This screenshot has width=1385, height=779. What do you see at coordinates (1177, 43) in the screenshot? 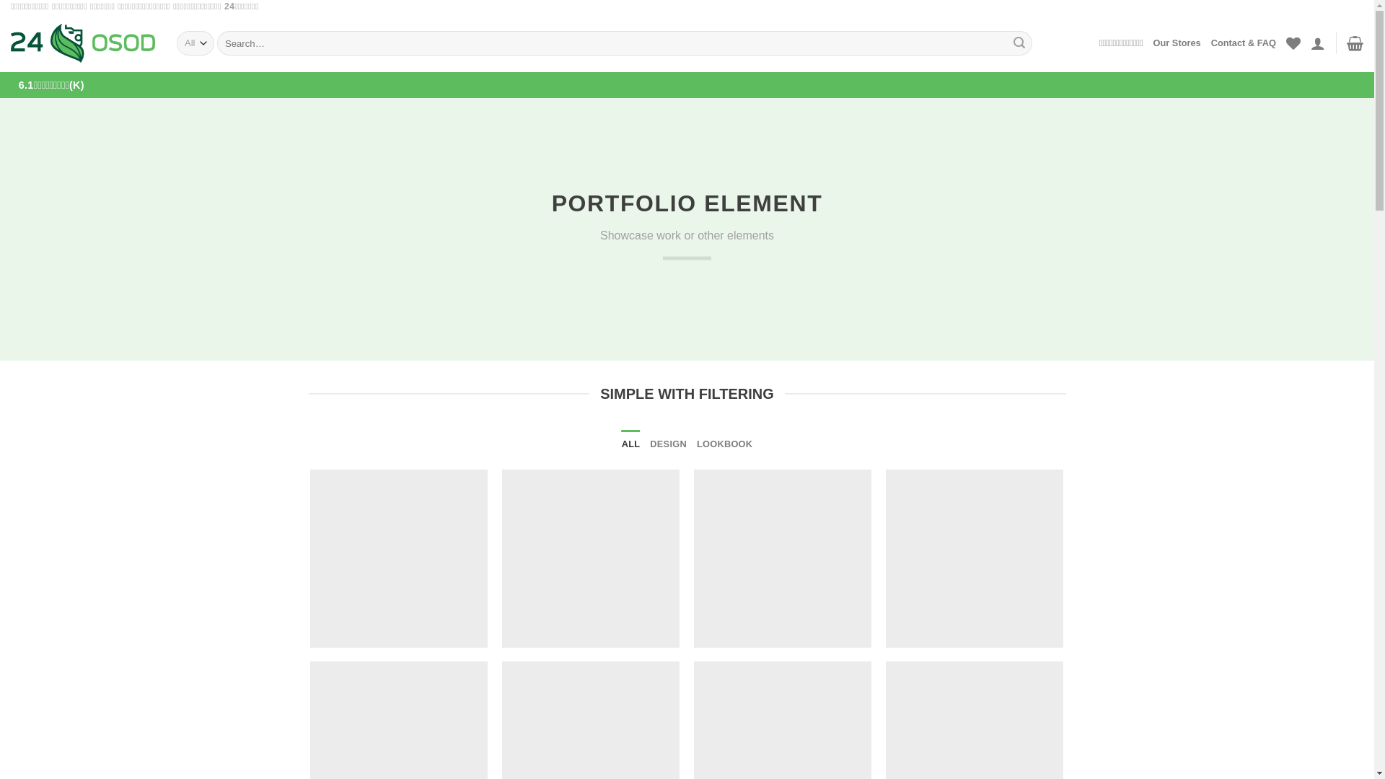
I see `'Our Stores'` at bounding box center [1177, 43].